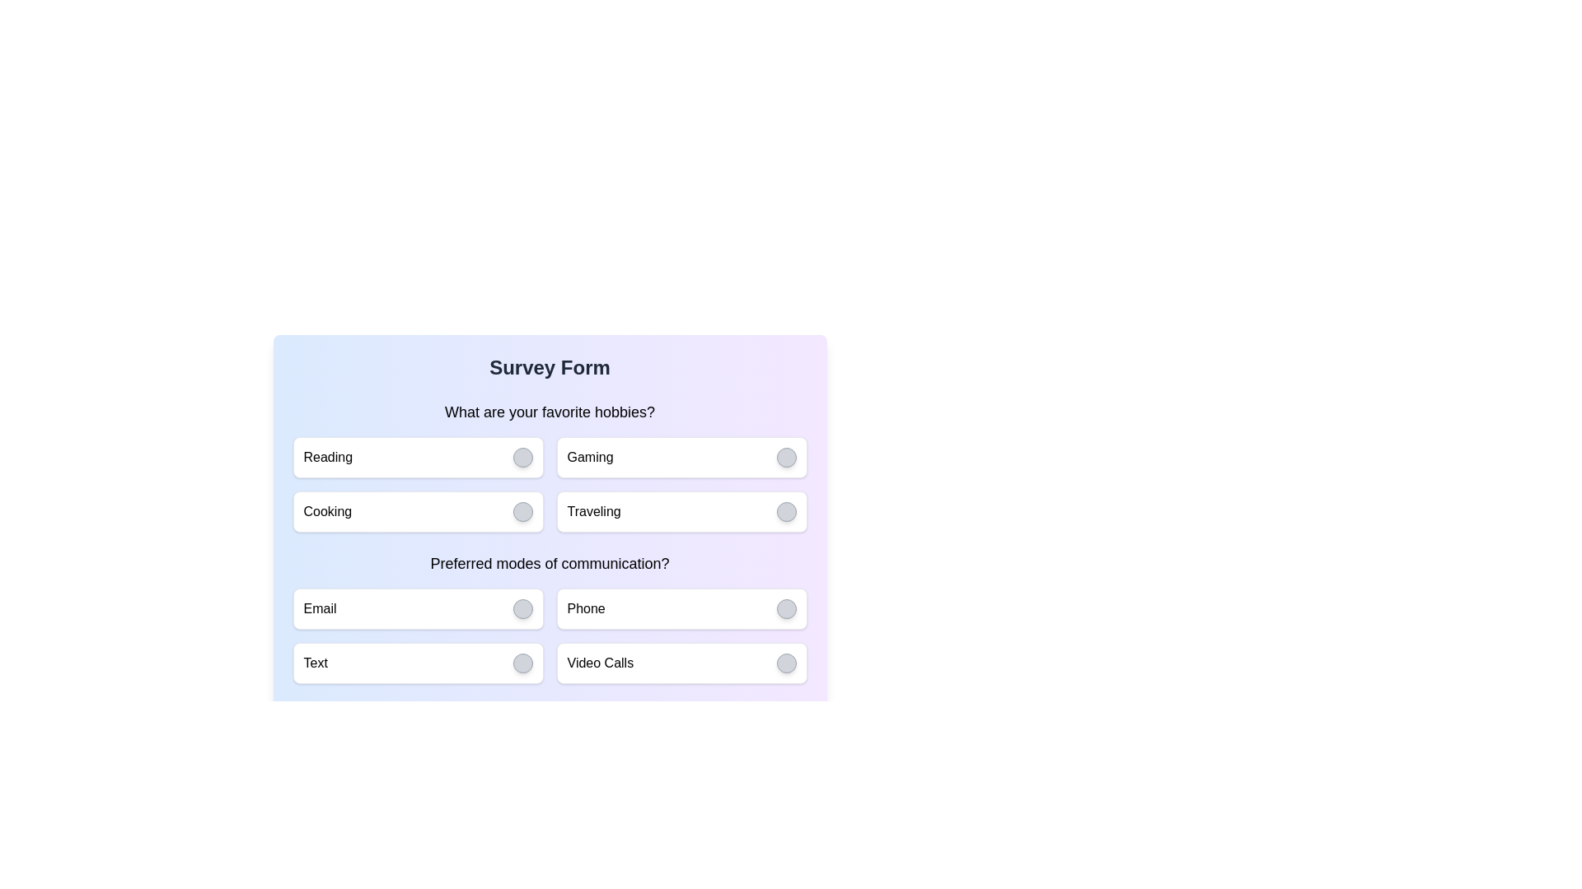  What do you see at coordinates (550, 635) in the screenshot?
I see `the toggle button in the grid layout under the section titled 'Preferred modes of communication?'` at bounding box center [550, 635].